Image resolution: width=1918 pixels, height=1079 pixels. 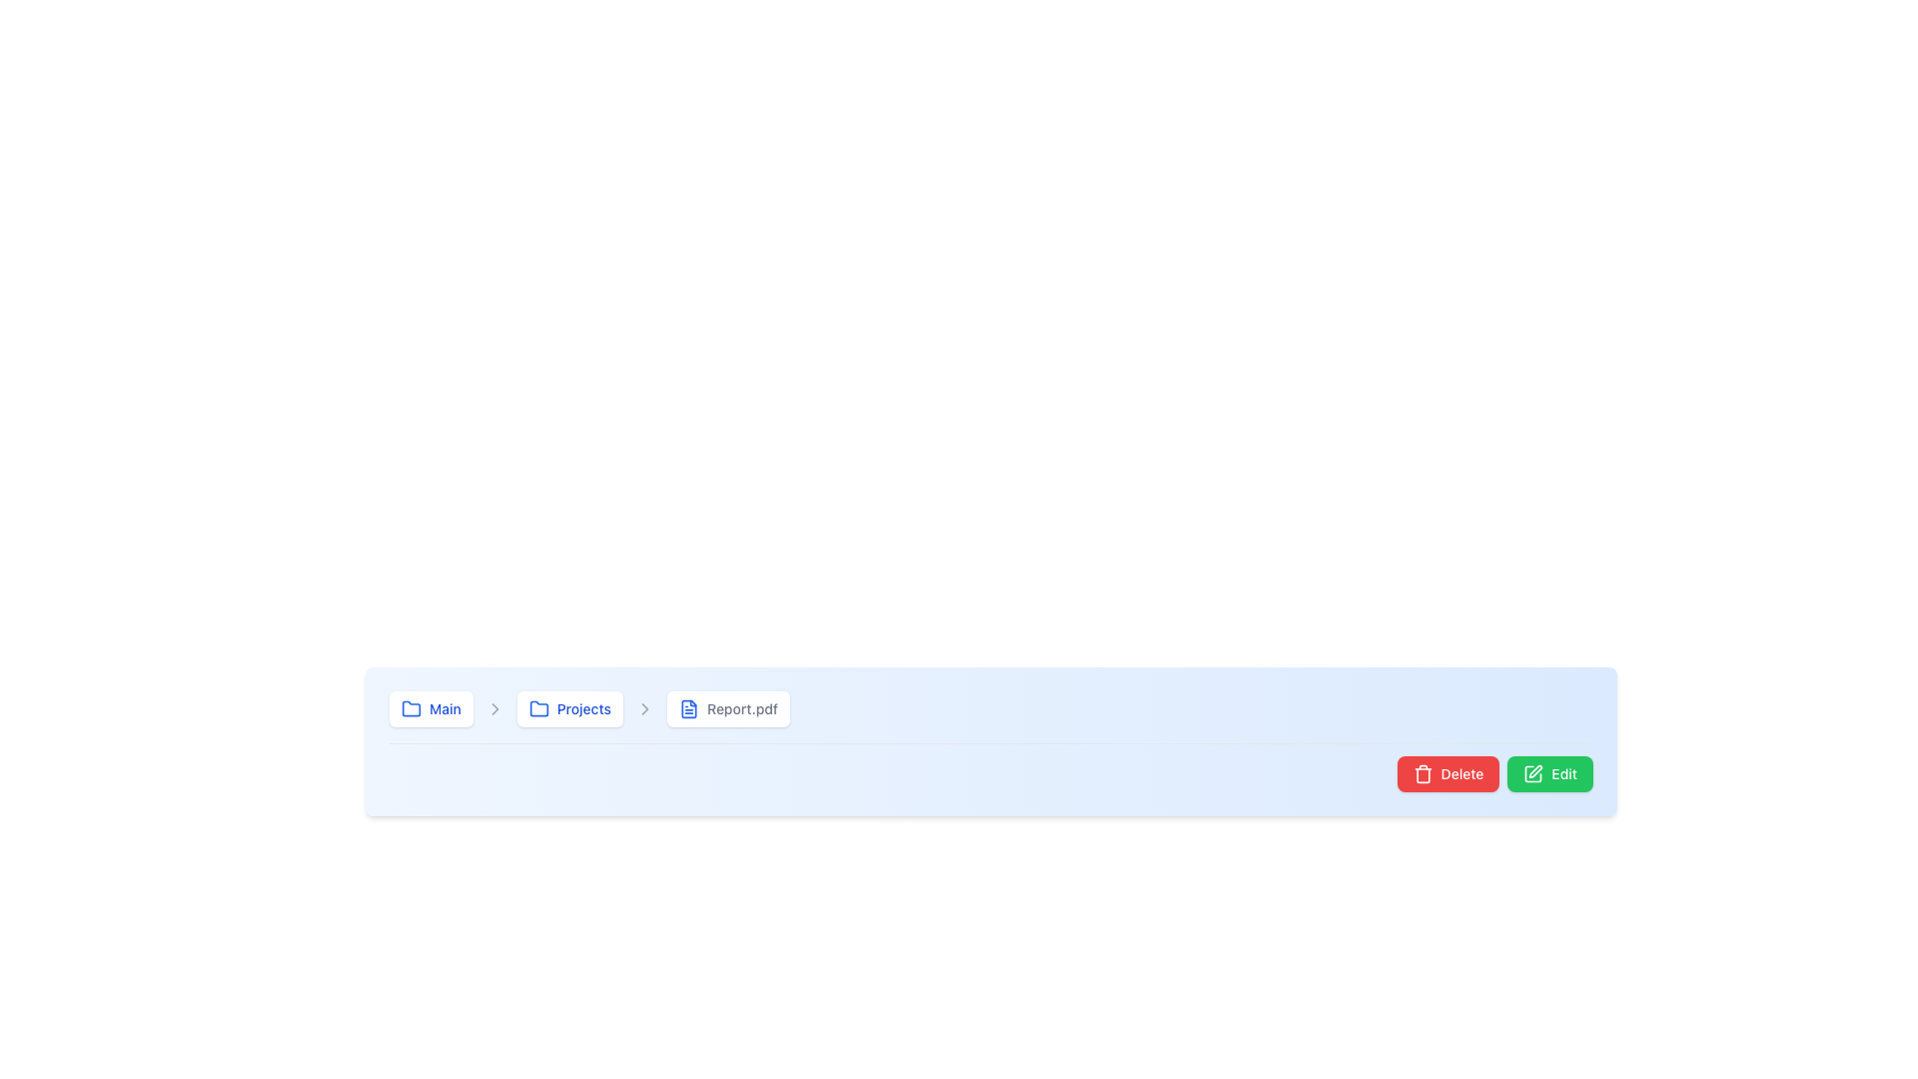 I want to click on the directional indicator icon in the breadcrumb navigation bar that separates 'Projects' and 'Report.pdf', so click(x=494, y=707).